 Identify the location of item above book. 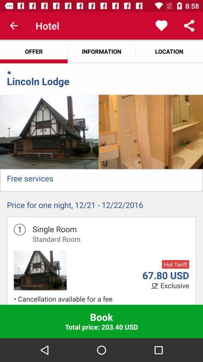
(103, 304).